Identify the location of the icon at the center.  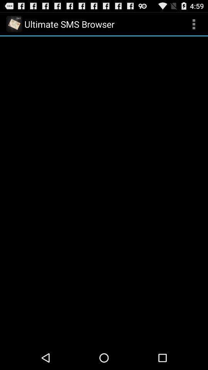
(104, 190).